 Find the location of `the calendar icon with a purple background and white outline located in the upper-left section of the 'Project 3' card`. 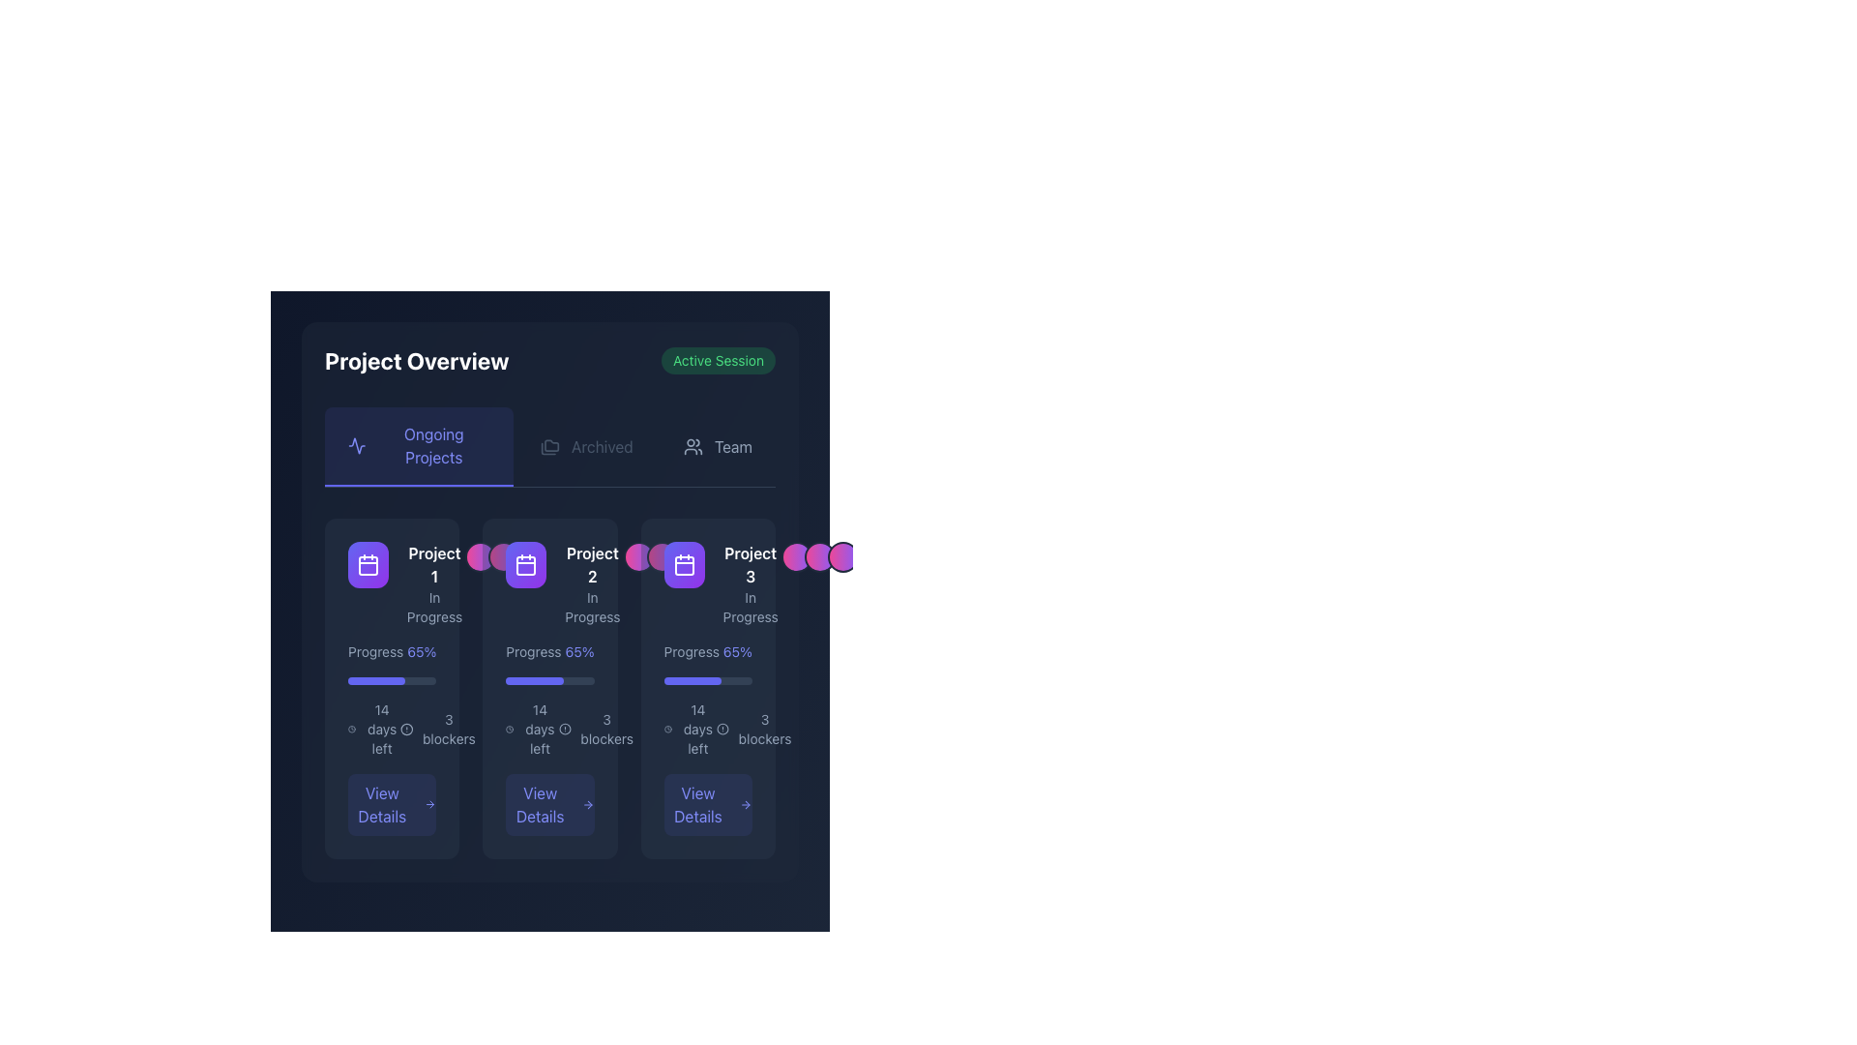

the calendar icon with a purple background and white outline located in the upper-left section of the 'Project 3' card is located at coordinates (368, 564).